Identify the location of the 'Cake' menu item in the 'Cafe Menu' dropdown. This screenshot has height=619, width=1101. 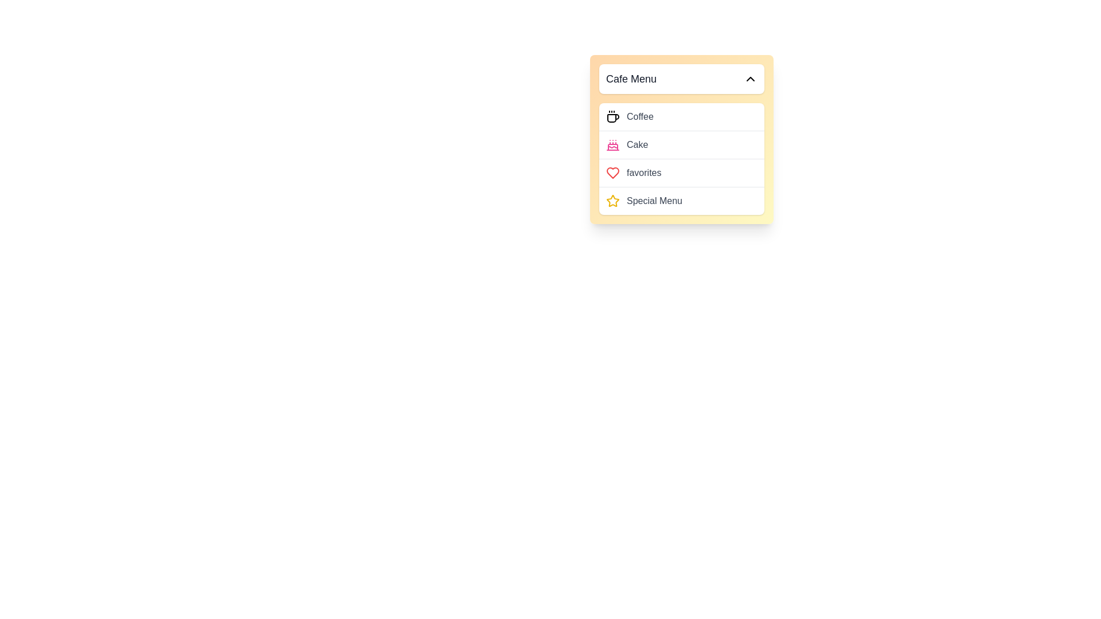
(682, 144).